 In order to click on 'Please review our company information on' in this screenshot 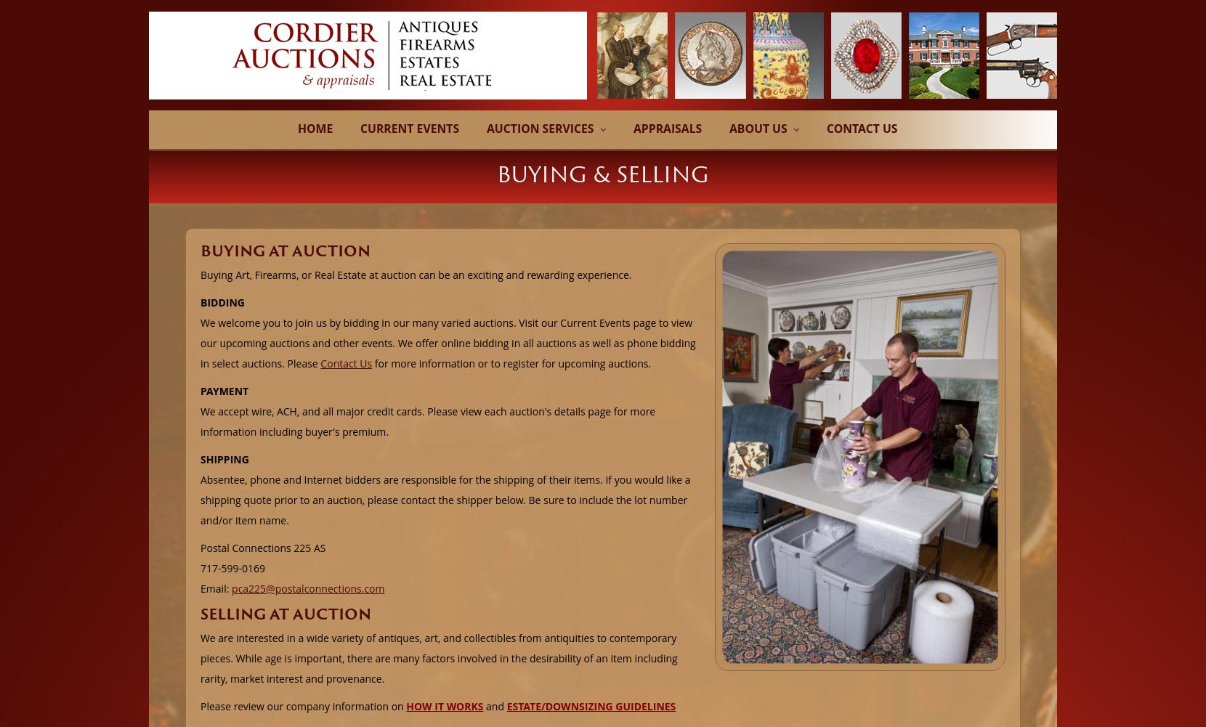, I will do `click(302, 704)`.